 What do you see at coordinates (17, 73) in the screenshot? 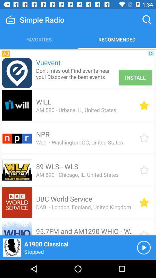
I see `the icon to the left of vuevent item` at bounding box center [17, 73].